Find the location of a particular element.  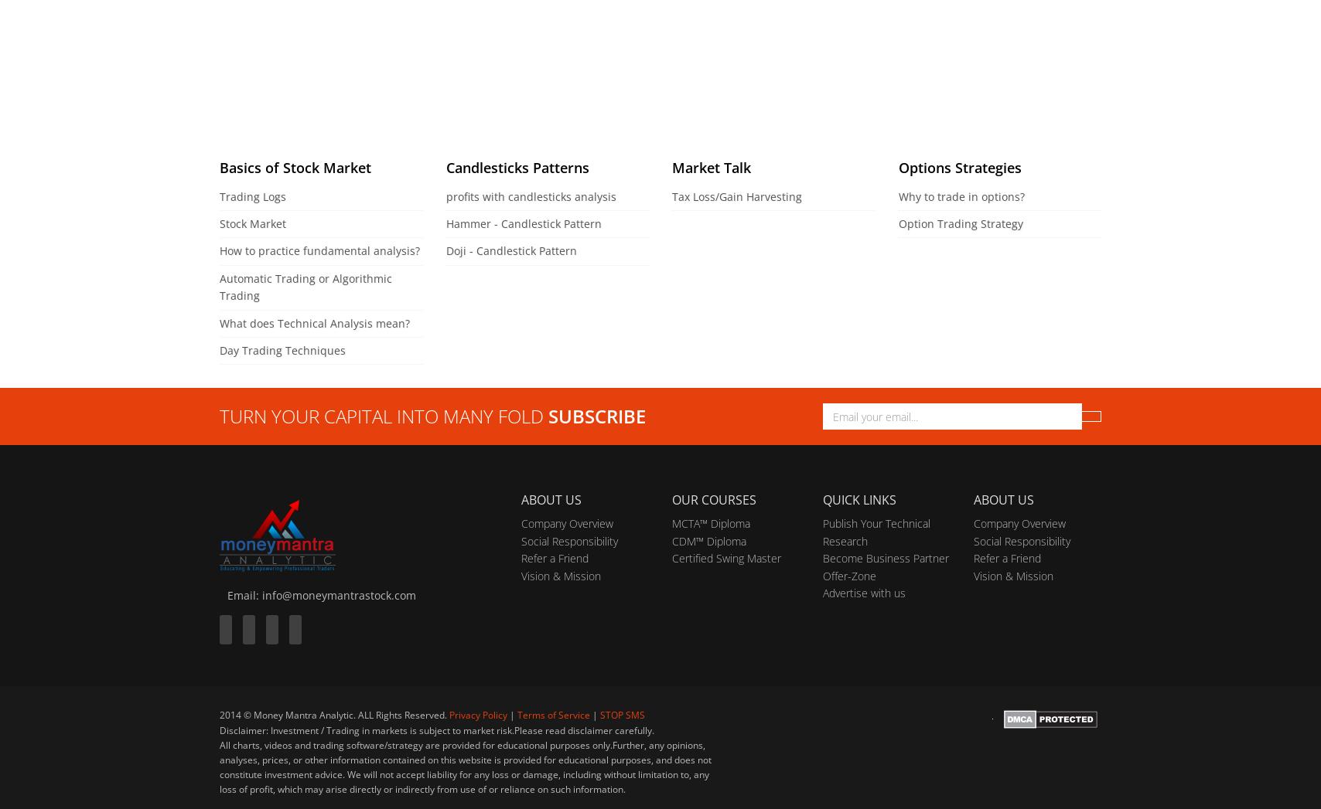

'What does Technical Analysis mean?' is located at coordinates (315, 321).